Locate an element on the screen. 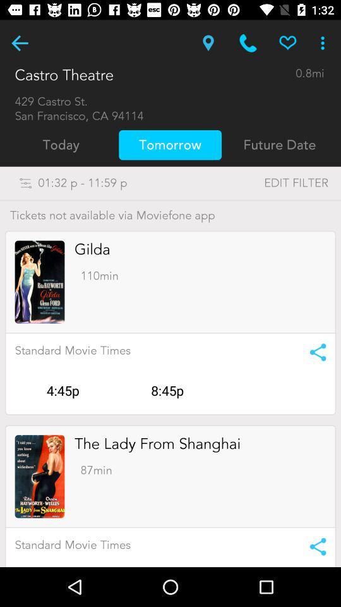 This screenshot has width=341, height=607. share info is located at coordinates (313, 546).